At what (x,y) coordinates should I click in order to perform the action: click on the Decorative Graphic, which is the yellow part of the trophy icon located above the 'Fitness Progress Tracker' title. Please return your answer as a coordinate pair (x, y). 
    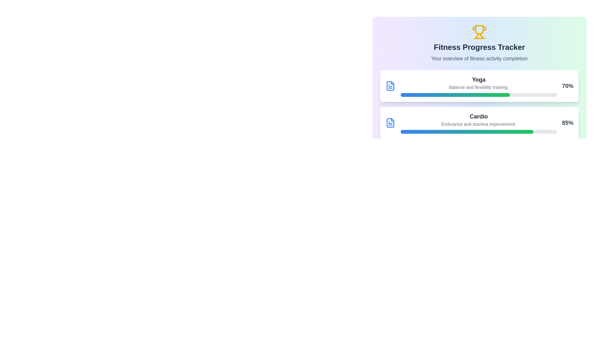
    Looking at the image, I should click on (477, 36).